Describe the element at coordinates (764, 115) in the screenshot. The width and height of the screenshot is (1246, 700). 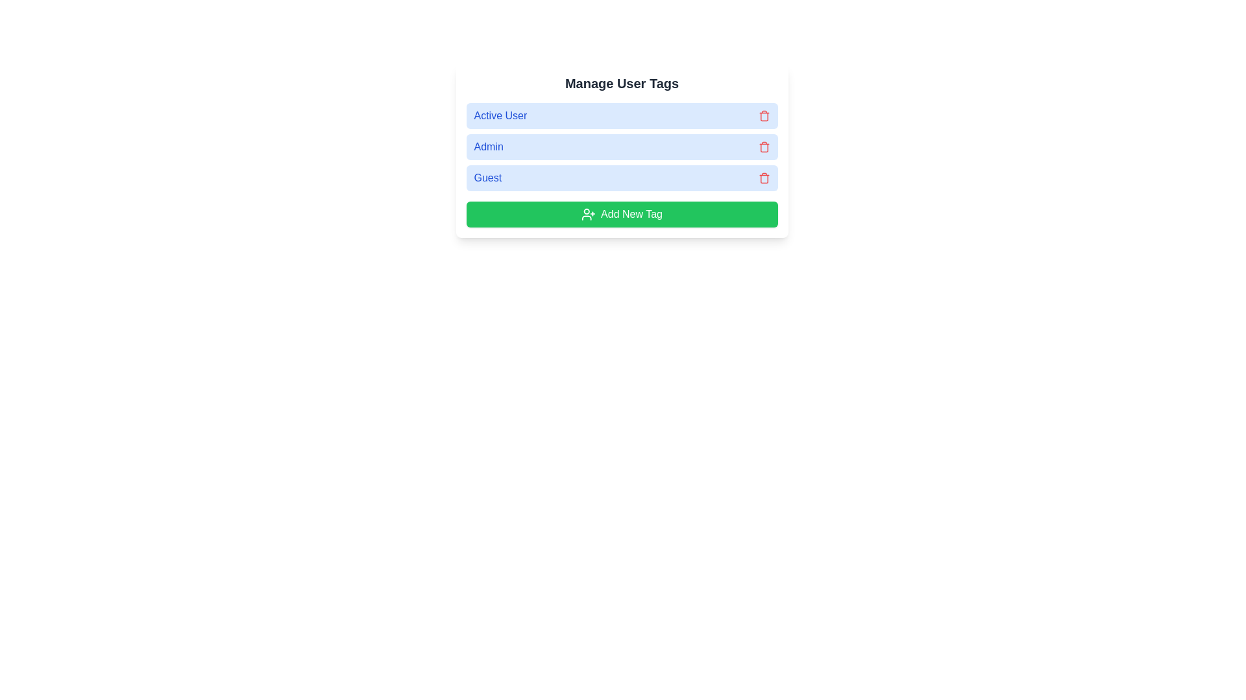
I see `the red trash can icon located on the right side of the row labeled 'Active User'` at that location.